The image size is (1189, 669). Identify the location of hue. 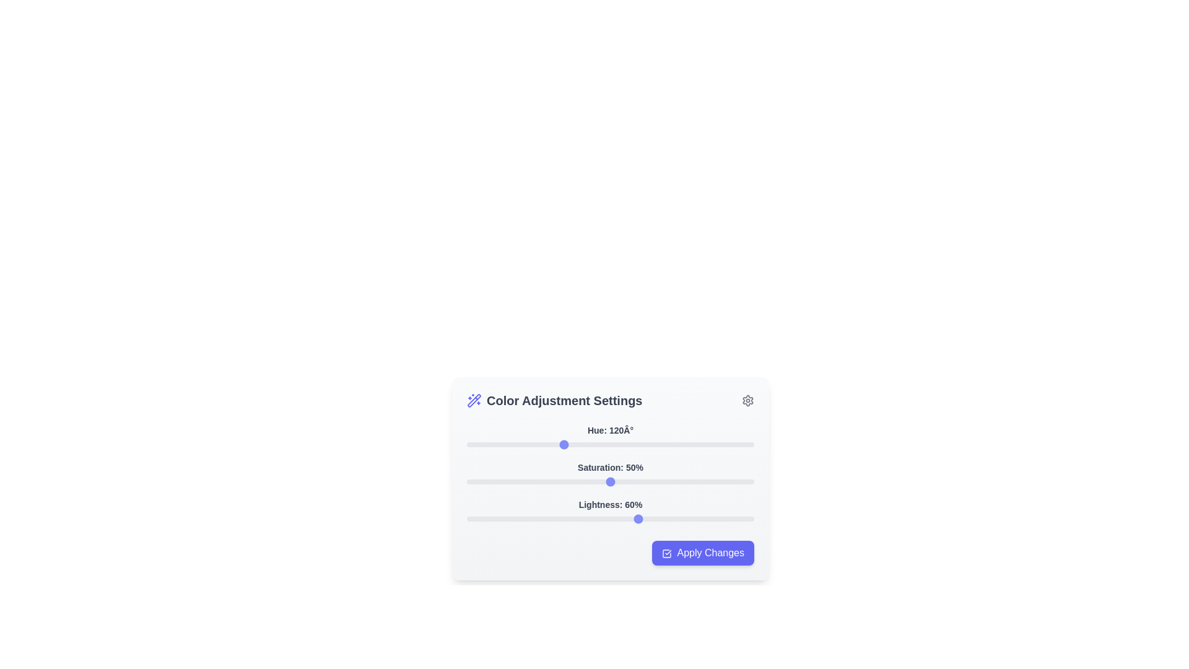
(710, 444).